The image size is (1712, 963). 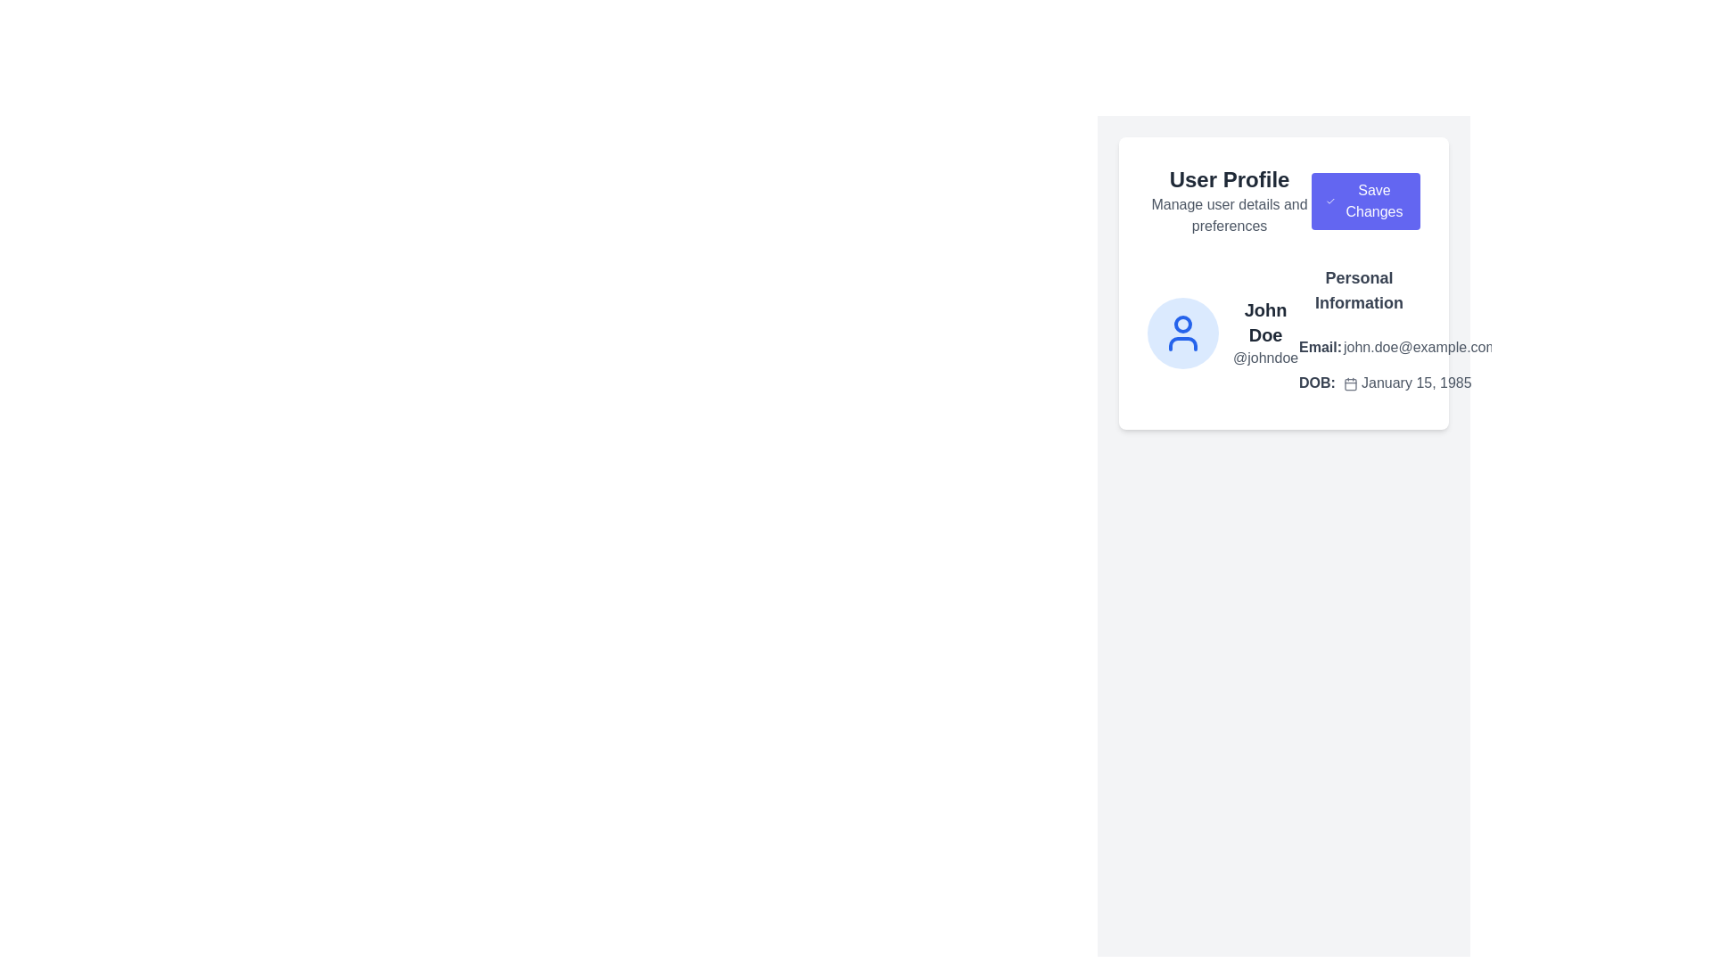 I want to click on the 'Personal Information' text header element, which is located in the user profile card beneath 'John Doe' and above the email address, so click(x=1358, y=290).